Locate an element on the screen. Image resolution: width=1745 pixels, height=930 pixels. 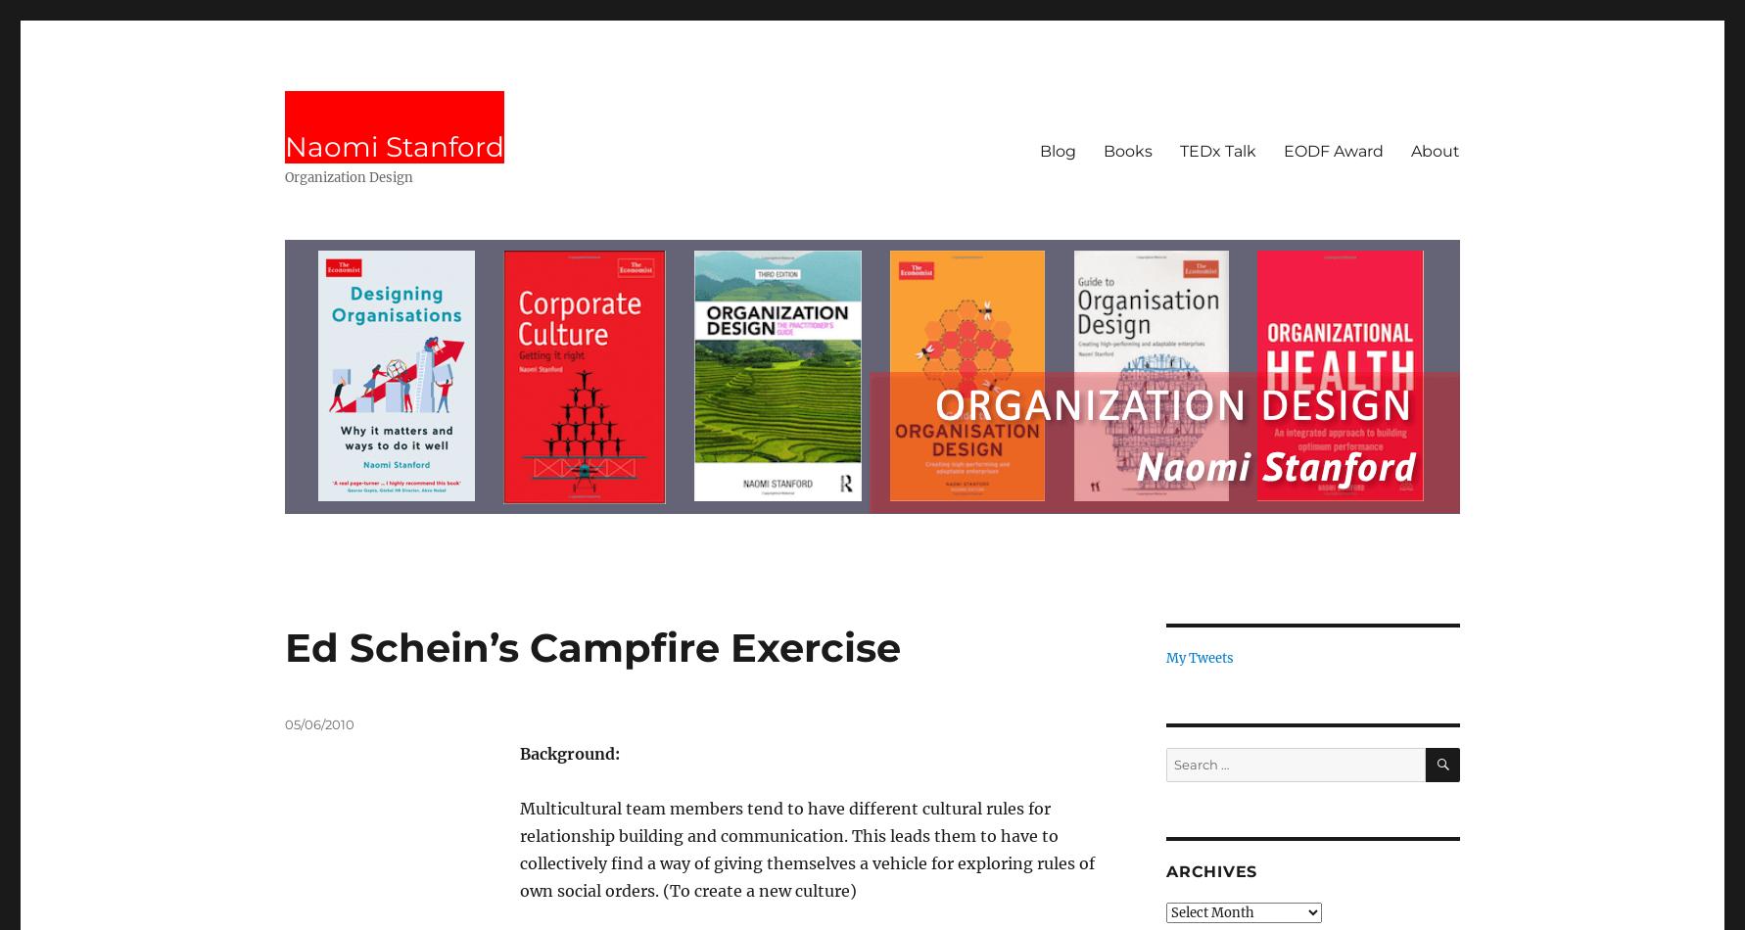
'Archives' is located at coordinates (1165, 870).